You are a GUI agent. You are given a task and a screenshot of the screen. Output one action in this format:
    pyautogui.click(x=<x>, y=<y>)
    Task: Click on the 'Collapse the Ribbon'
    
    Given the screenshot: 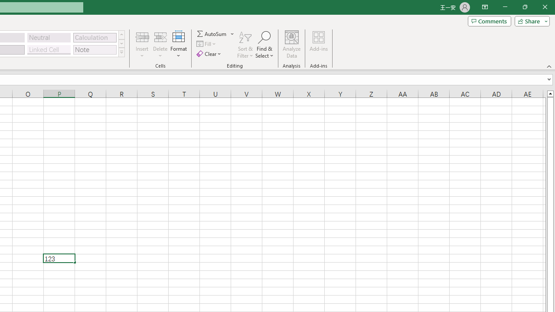 What is the action you would take?
    pyautogui.click(x=549, y=66)
    